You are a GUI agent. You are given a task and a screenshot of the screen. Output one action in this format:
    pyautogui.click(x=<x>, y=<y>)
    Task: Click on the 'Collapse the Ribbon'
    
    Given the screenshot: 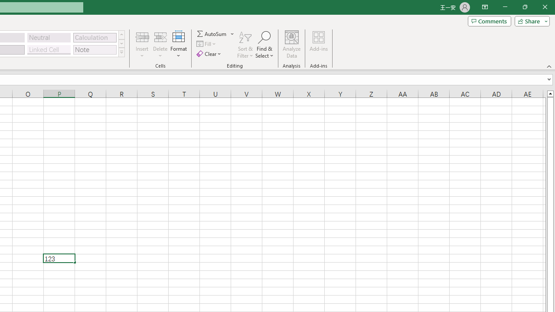 What is the action you would take?
    pyautogui.click(x=549, y=66)
    